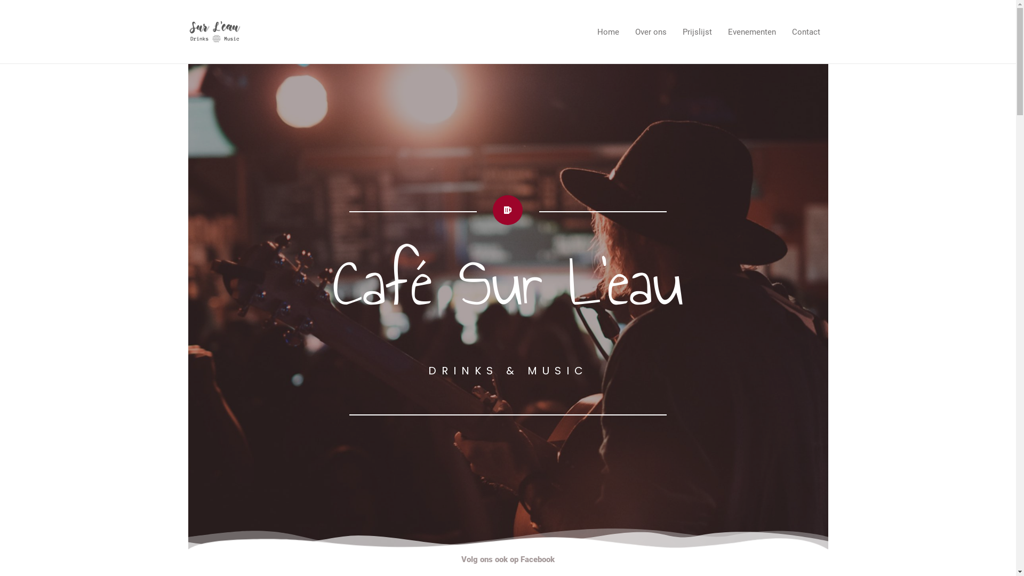 This screenshot has width=1024, height=576. I want to click on 'Contact', so click(806, 30).